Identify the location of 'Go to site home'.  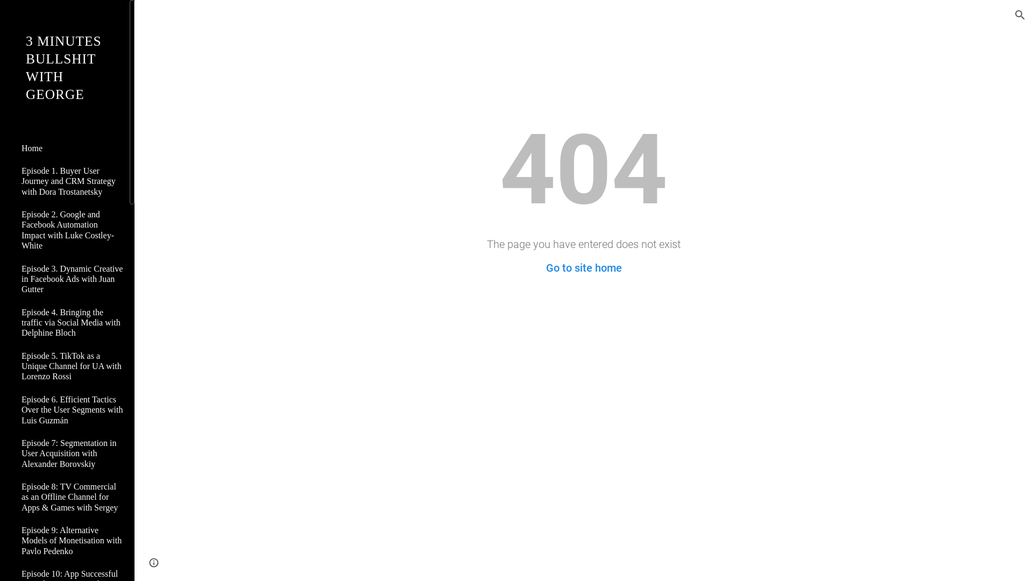
(583, 267).